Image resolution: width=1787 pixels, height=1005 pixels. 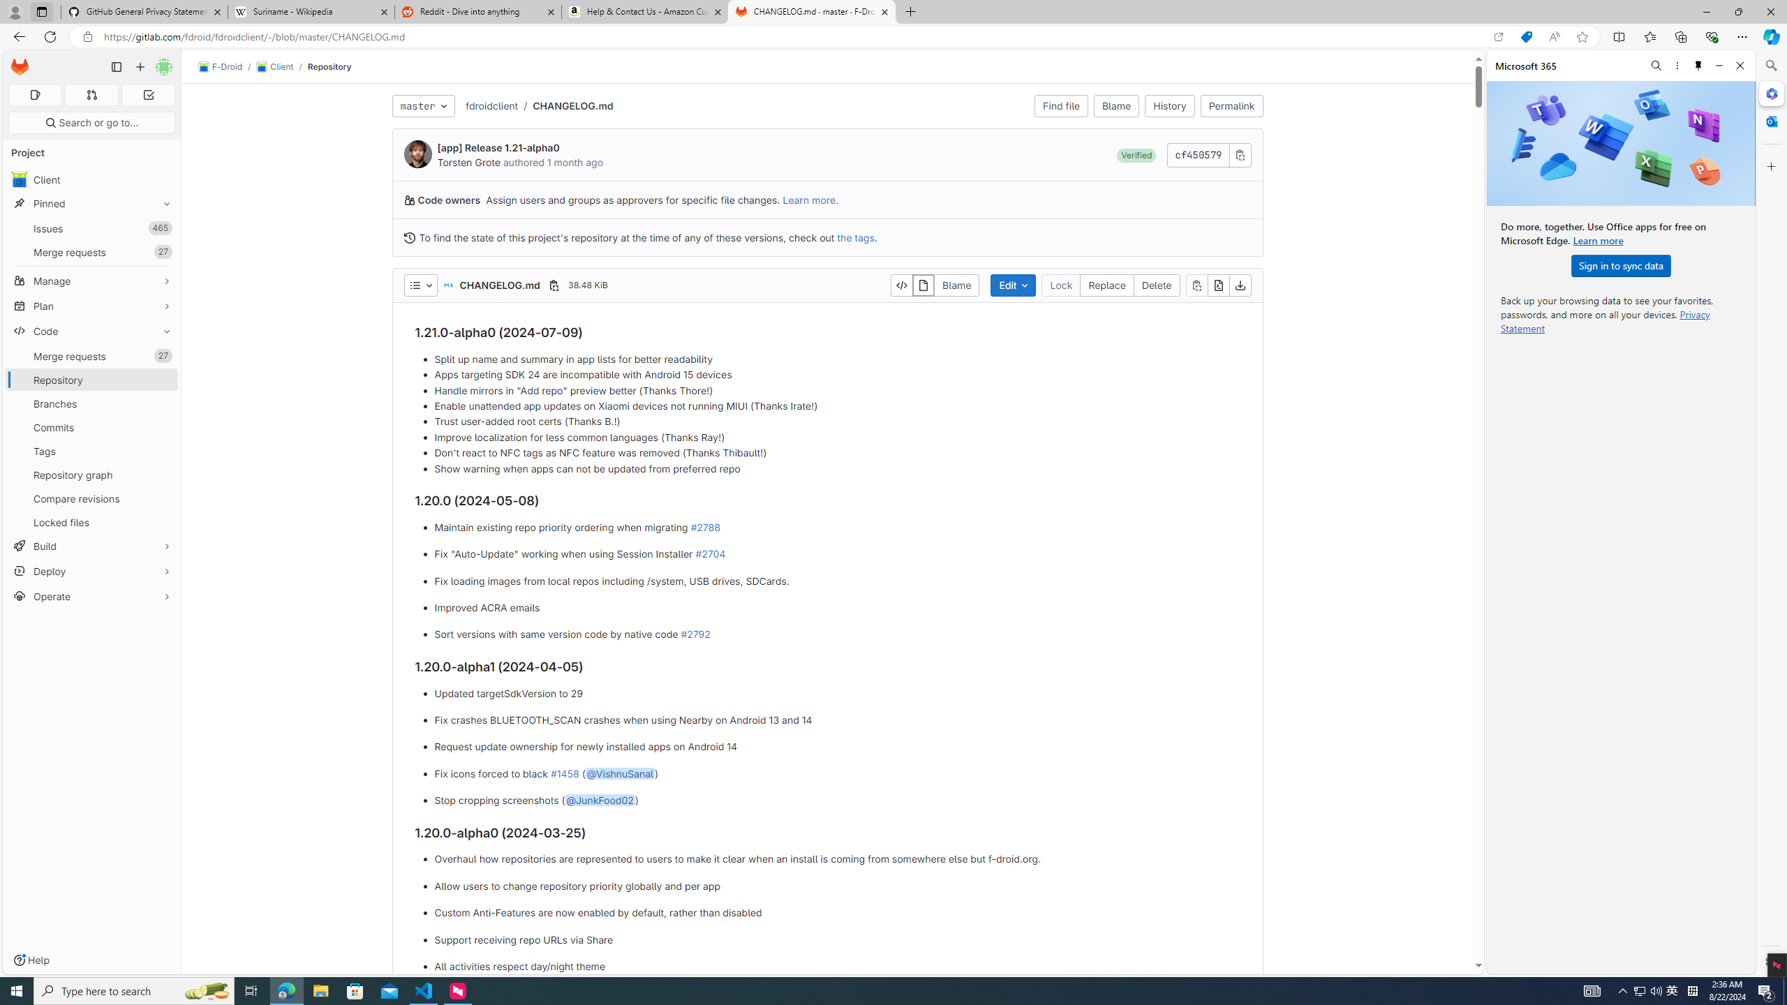 I want to click on 'Display source', so click(x=901, y=284).